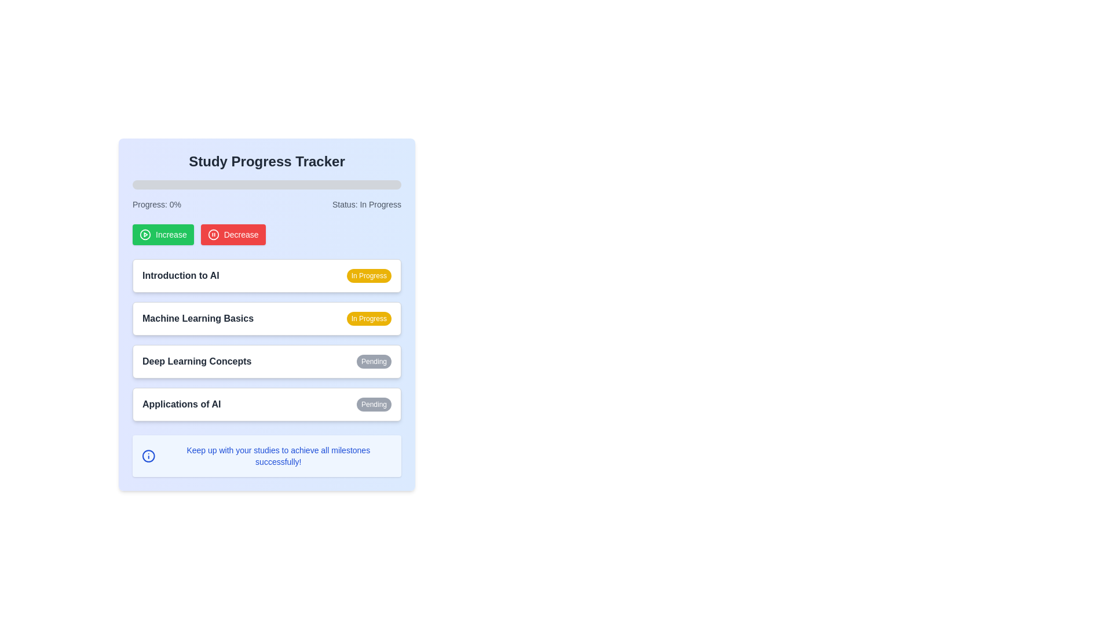  Describe the element at coordinates (162, 235) in the screenshot. I see `the first button located near the top of the interface, which is intended to increase the progress value displayed` at that location.